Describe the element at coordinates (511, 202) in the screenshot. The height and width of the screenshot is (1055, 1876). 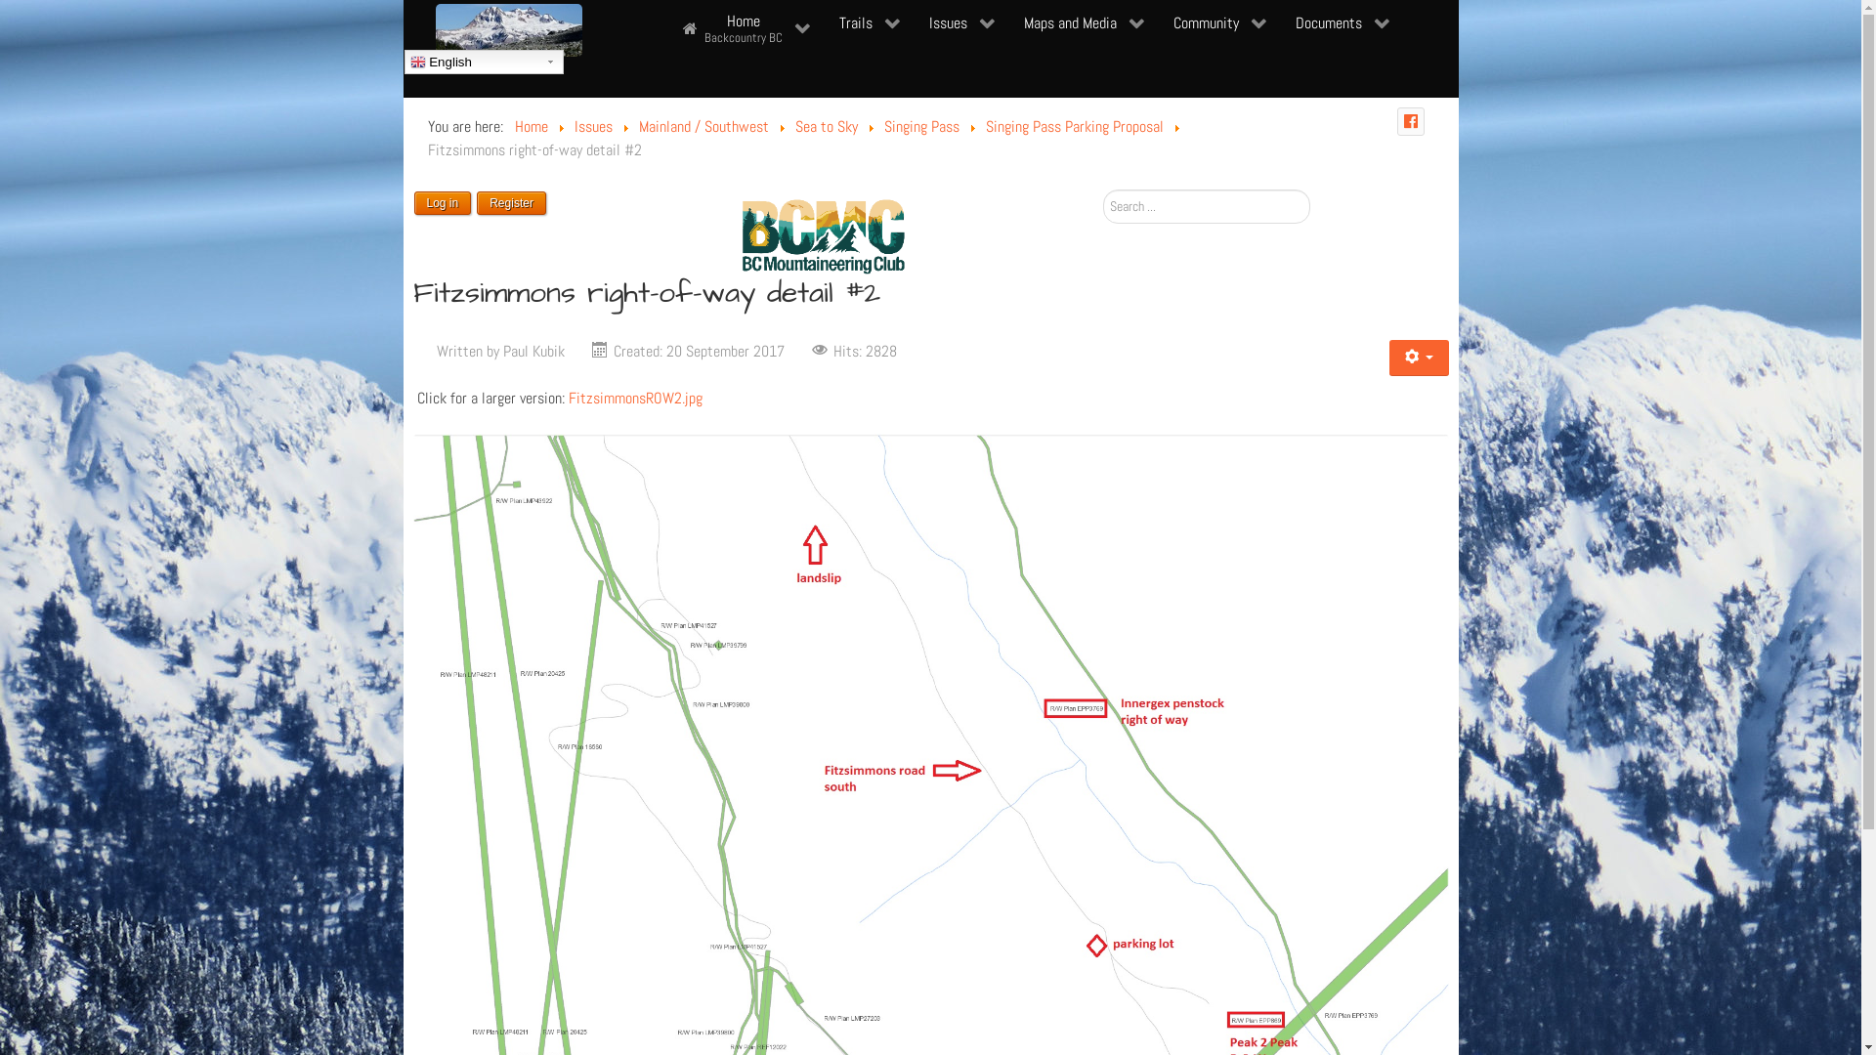
I see `'Register'` at that location.